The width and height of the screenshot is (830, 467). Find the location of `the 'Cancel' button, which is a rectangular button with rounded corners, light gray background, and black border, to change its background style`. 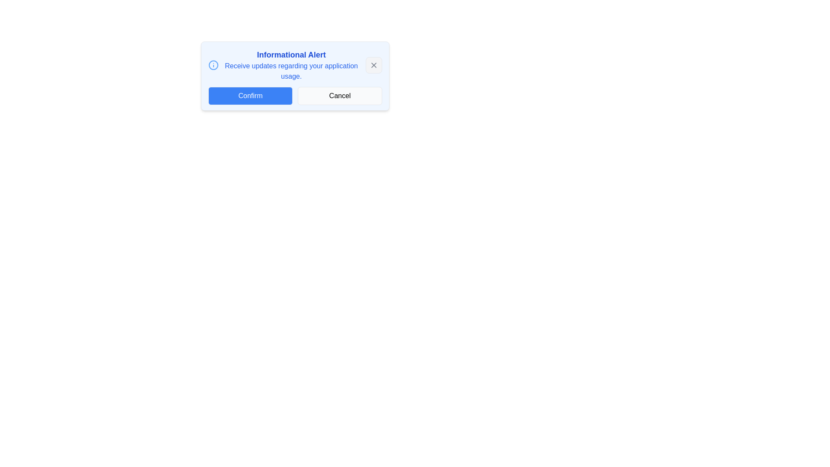

the 'Cancel' button, which is a rectangular button with rounded corners, light gray background, and black border, to change its background style is located at coordinates (339, 96).